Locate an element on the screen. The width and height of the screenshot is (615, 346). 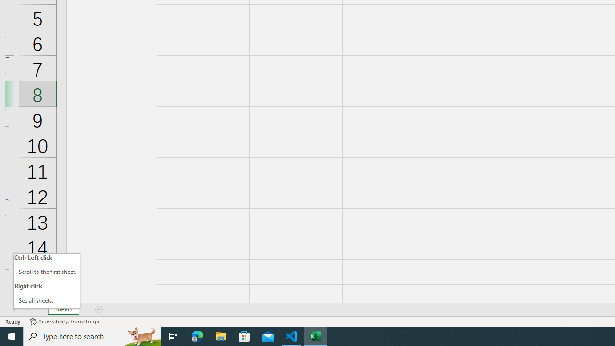
'Accessibility Checker Accessibility: Good to go' is located at coordinates (64, 321).